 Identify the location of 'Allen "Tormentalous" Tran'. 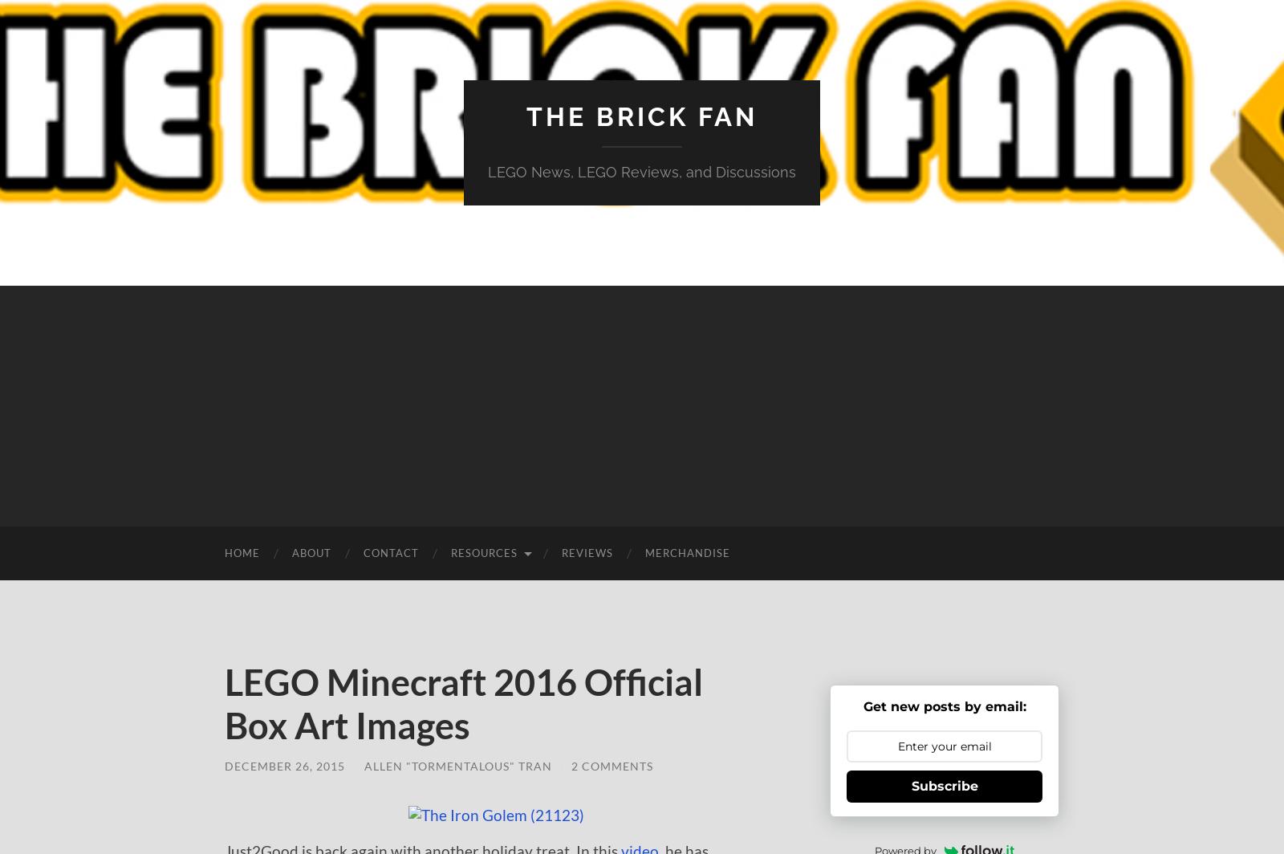
(457, 766).